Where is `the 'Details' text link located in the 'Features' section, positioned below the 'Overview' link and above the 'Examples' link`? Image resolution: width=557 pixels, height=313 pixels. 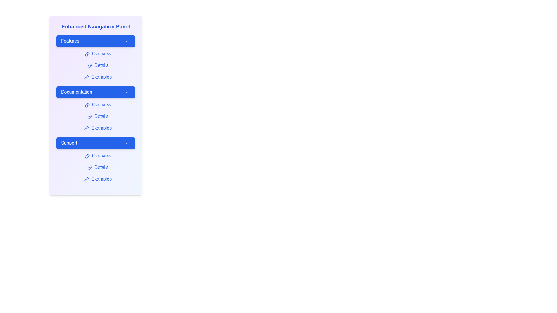 the 'Details' text link located in the 'Features' section, positioned below the 'Overview' link and above the 'Examples' link is located at coordinates (98, 65).